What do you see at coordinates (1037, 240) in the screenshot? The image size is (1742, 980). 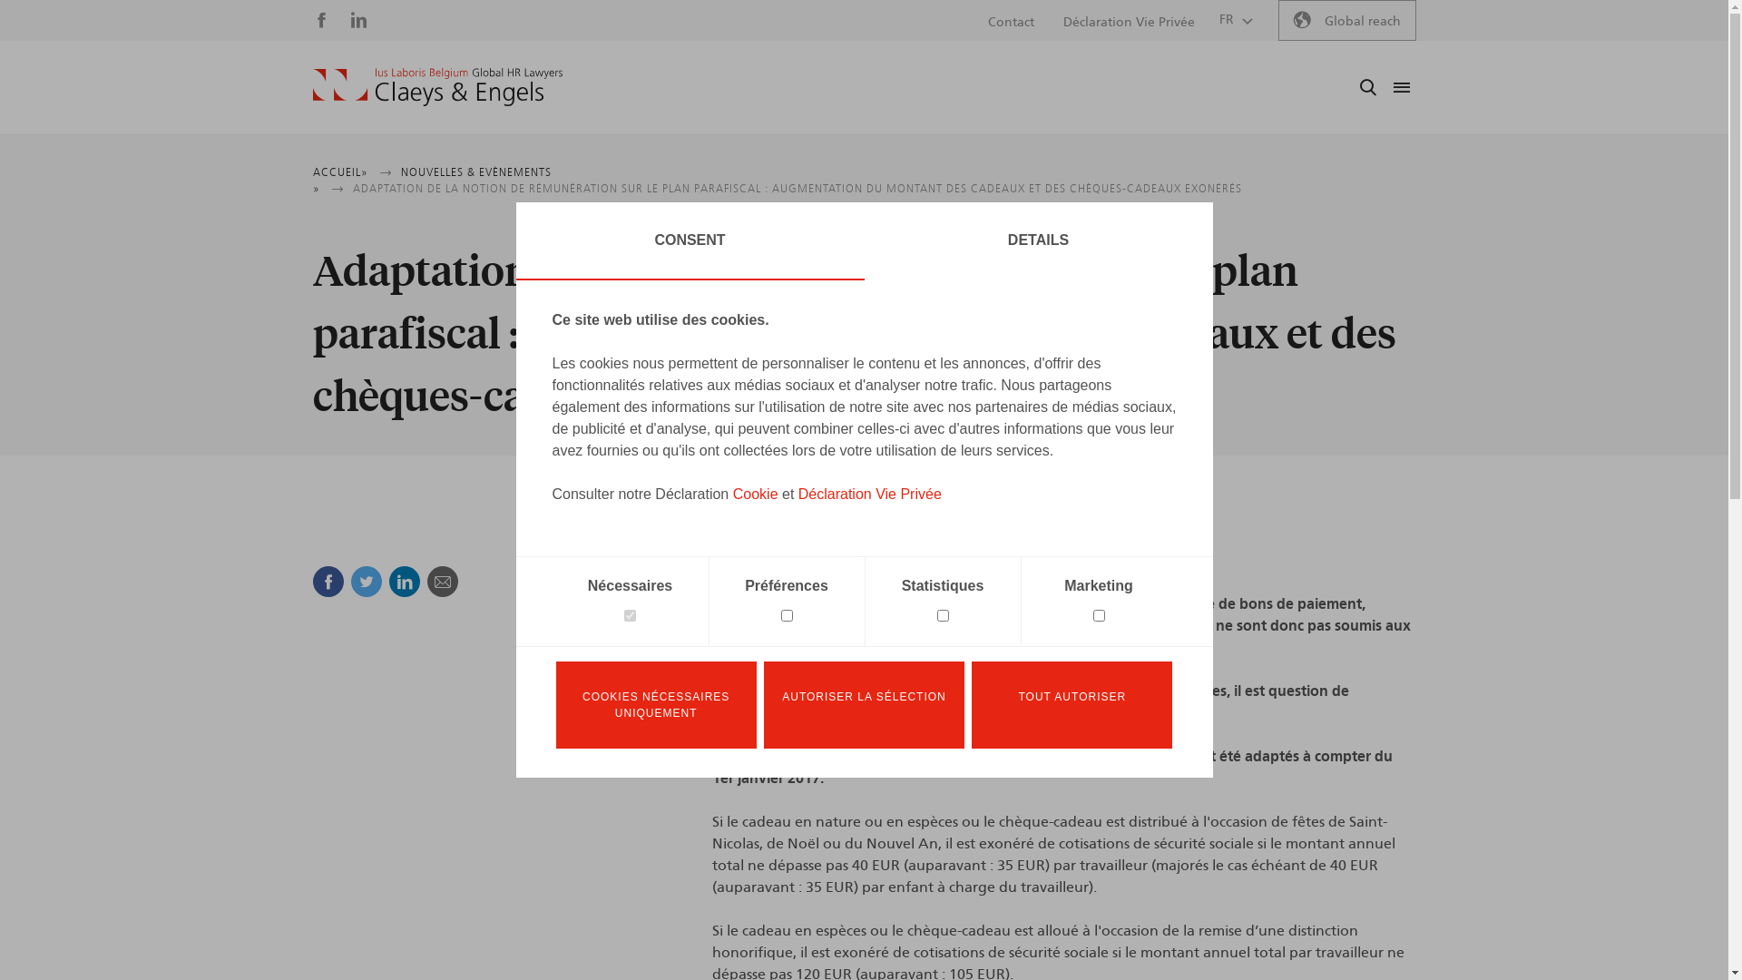 I see `'DETAILS'` at bounding box center [1037, 240].